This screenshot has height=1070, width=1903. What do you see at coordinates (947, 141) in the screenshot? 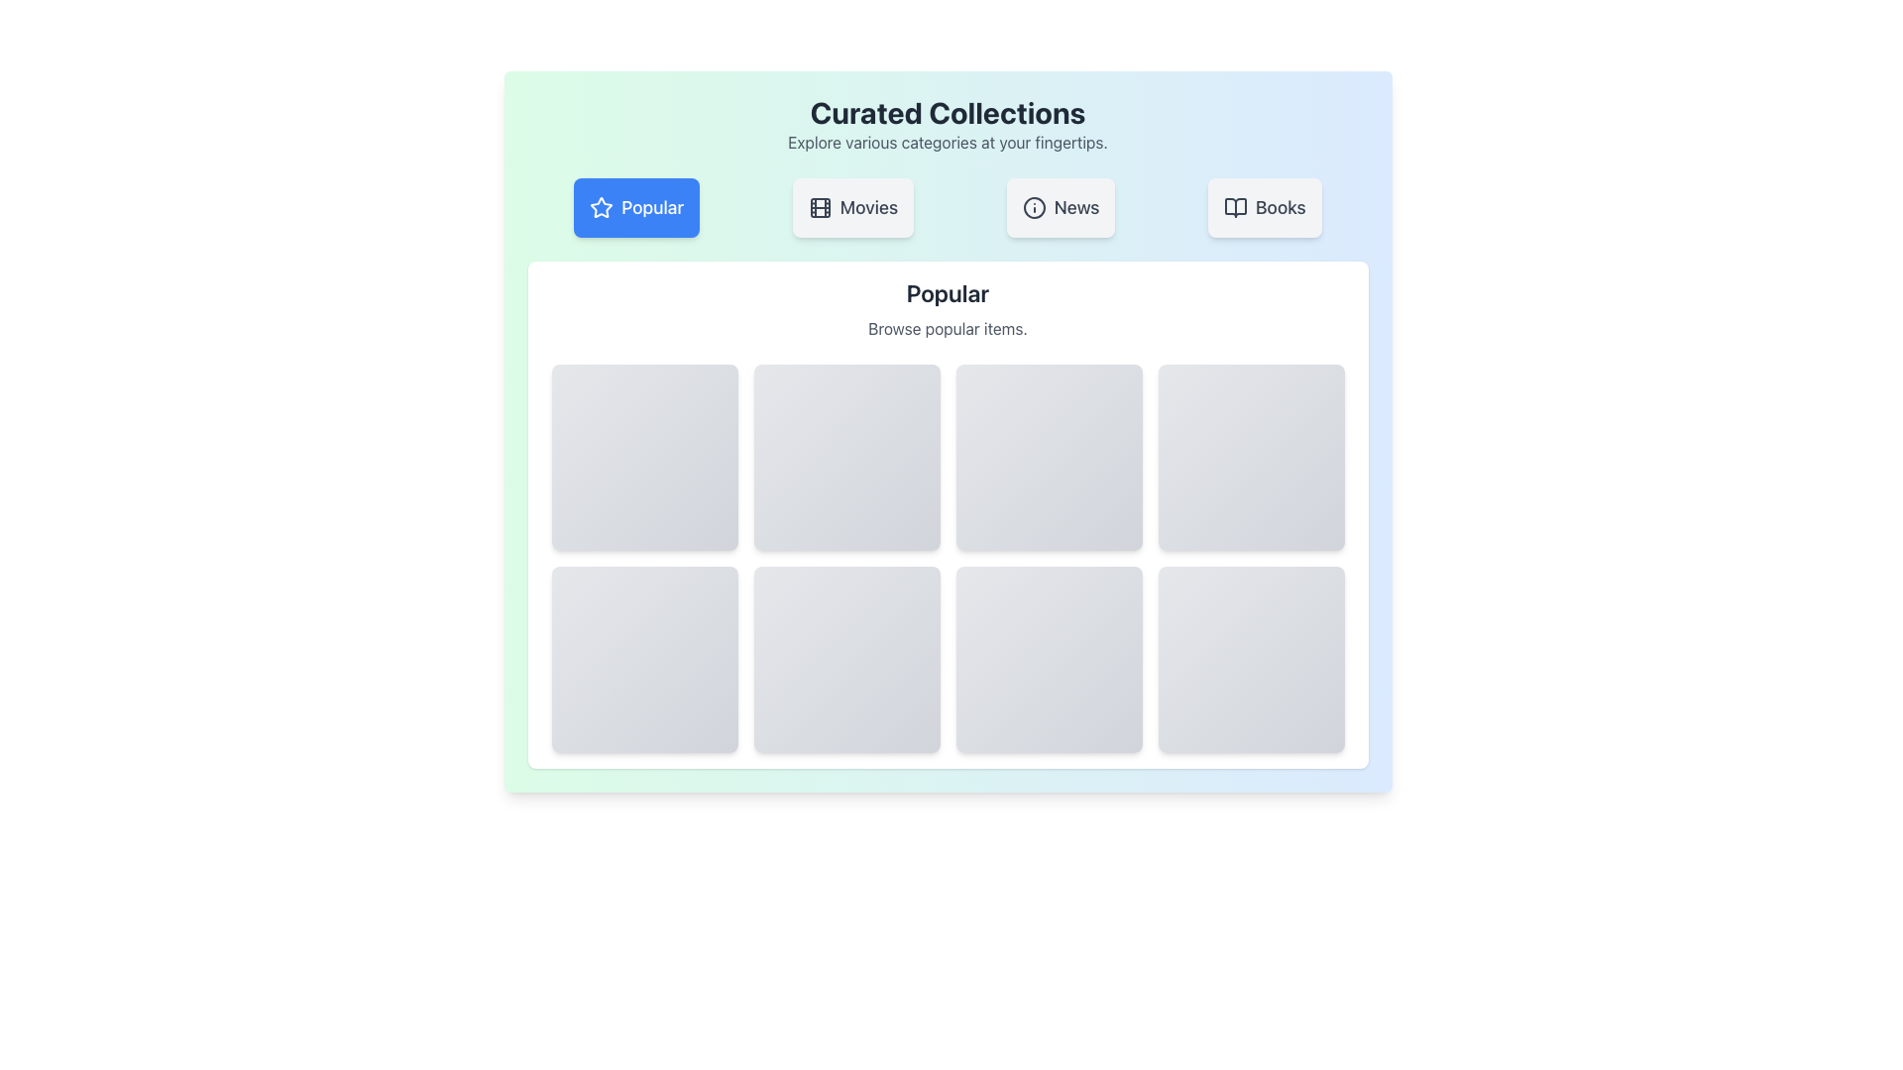
I see `descriptive text label located centrally beneath the 'Curated Collections' element in the interface` at bounding box center [947, 141].